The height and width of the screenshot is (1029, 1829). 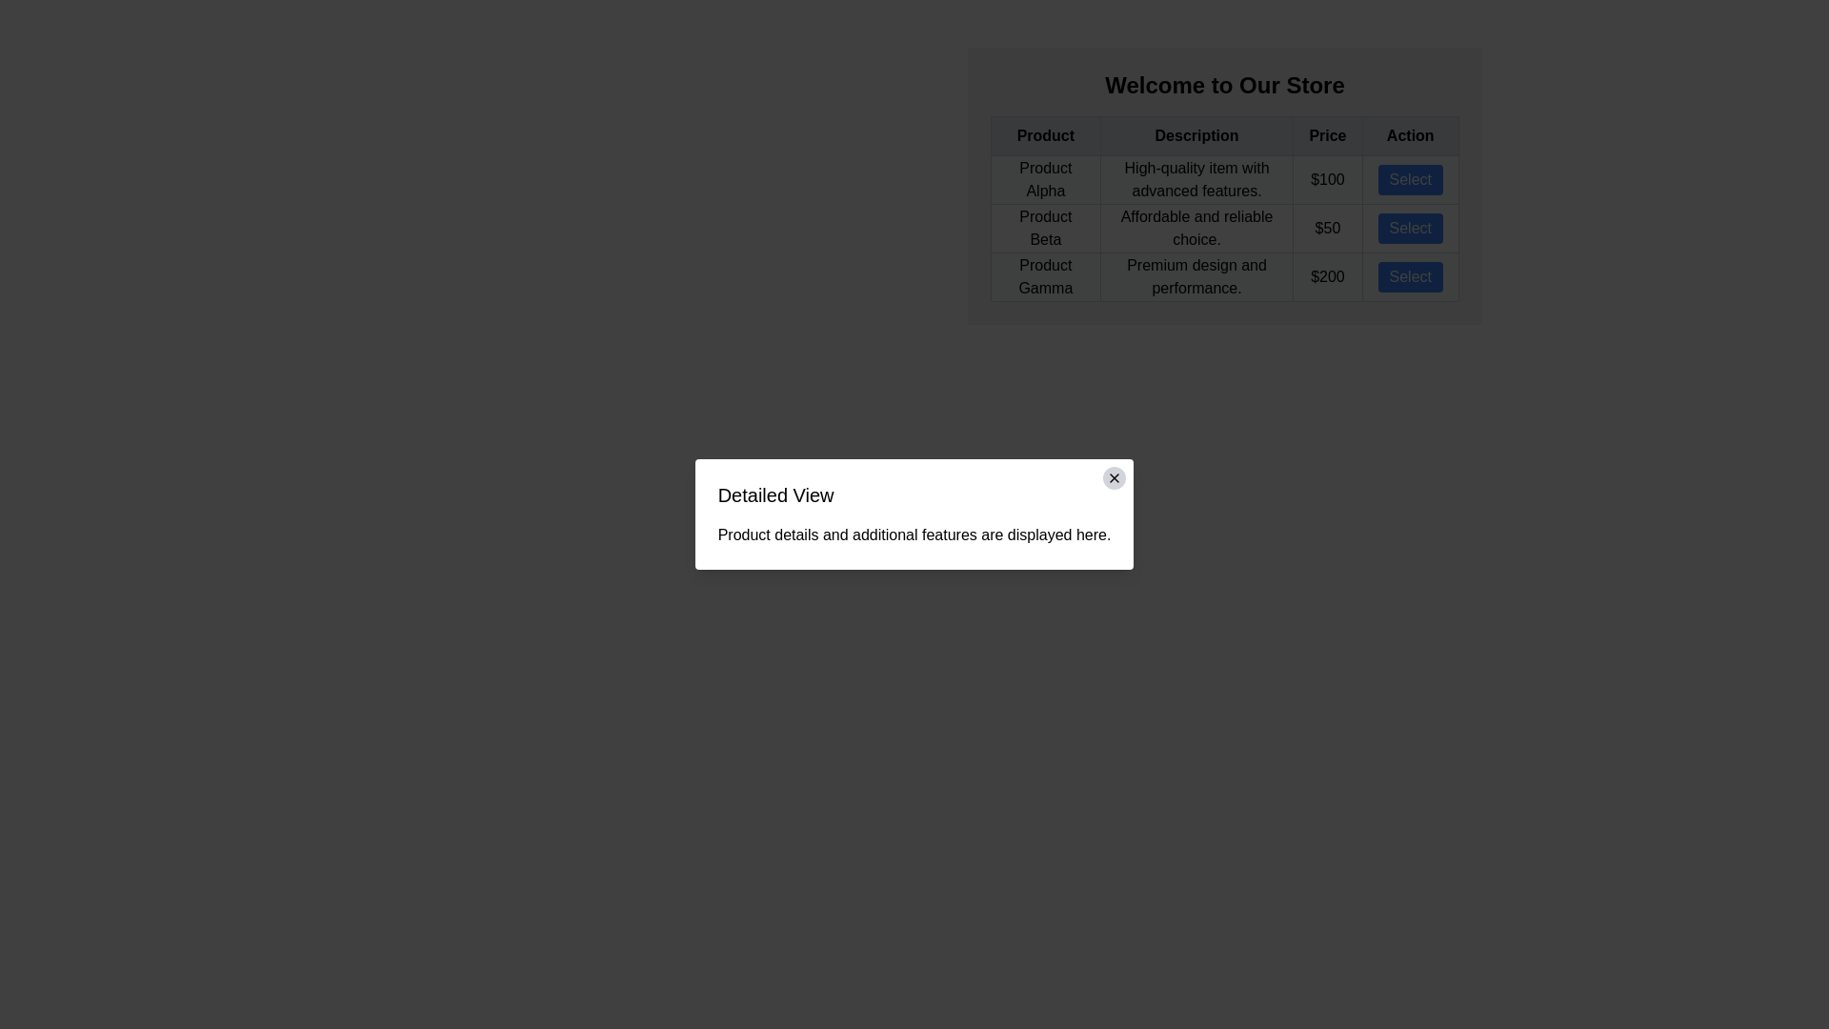 What do you see at coordinates (1044, 276) in the screenshot?
I see `the static text element displaying 'Product Gamma', located in the leftmost column of the third row in a table, above 'Premium design and performance' and to the left of '$200'` at bounding box center [1044, 276].